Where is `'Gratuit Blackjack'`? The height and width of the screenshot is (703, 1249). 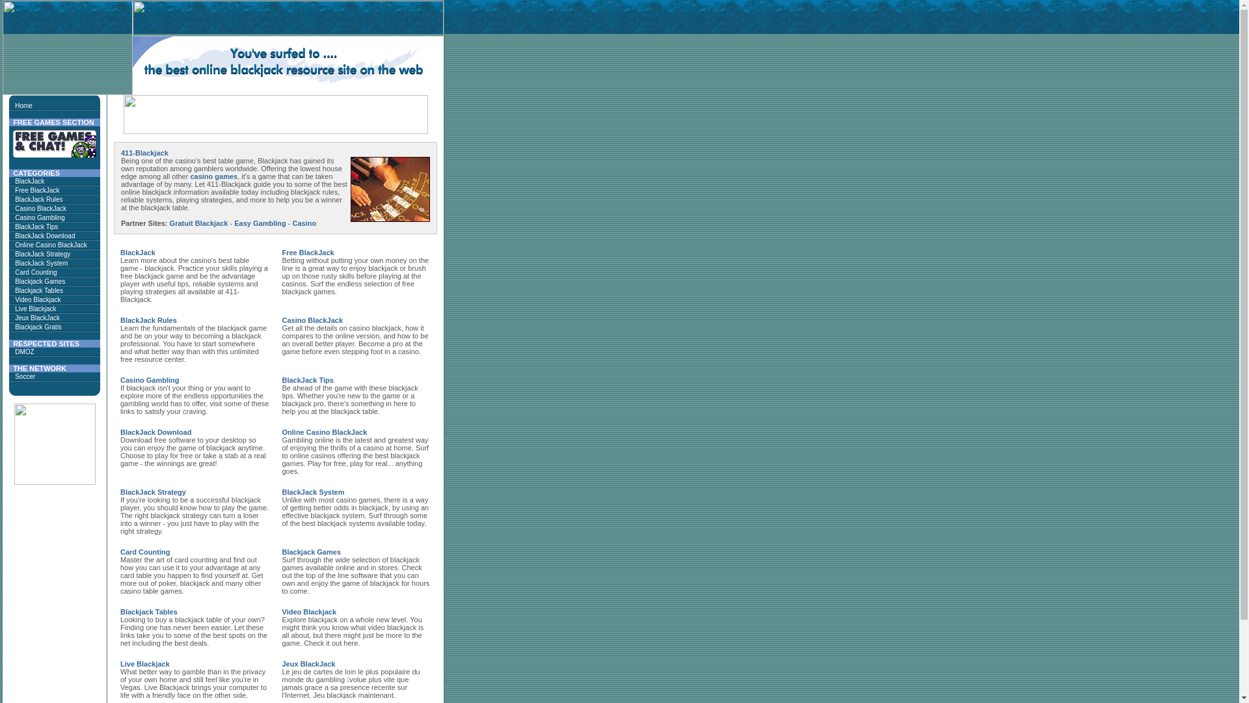
'Gratuit Blackjack' is located at coordinates (198, 223).